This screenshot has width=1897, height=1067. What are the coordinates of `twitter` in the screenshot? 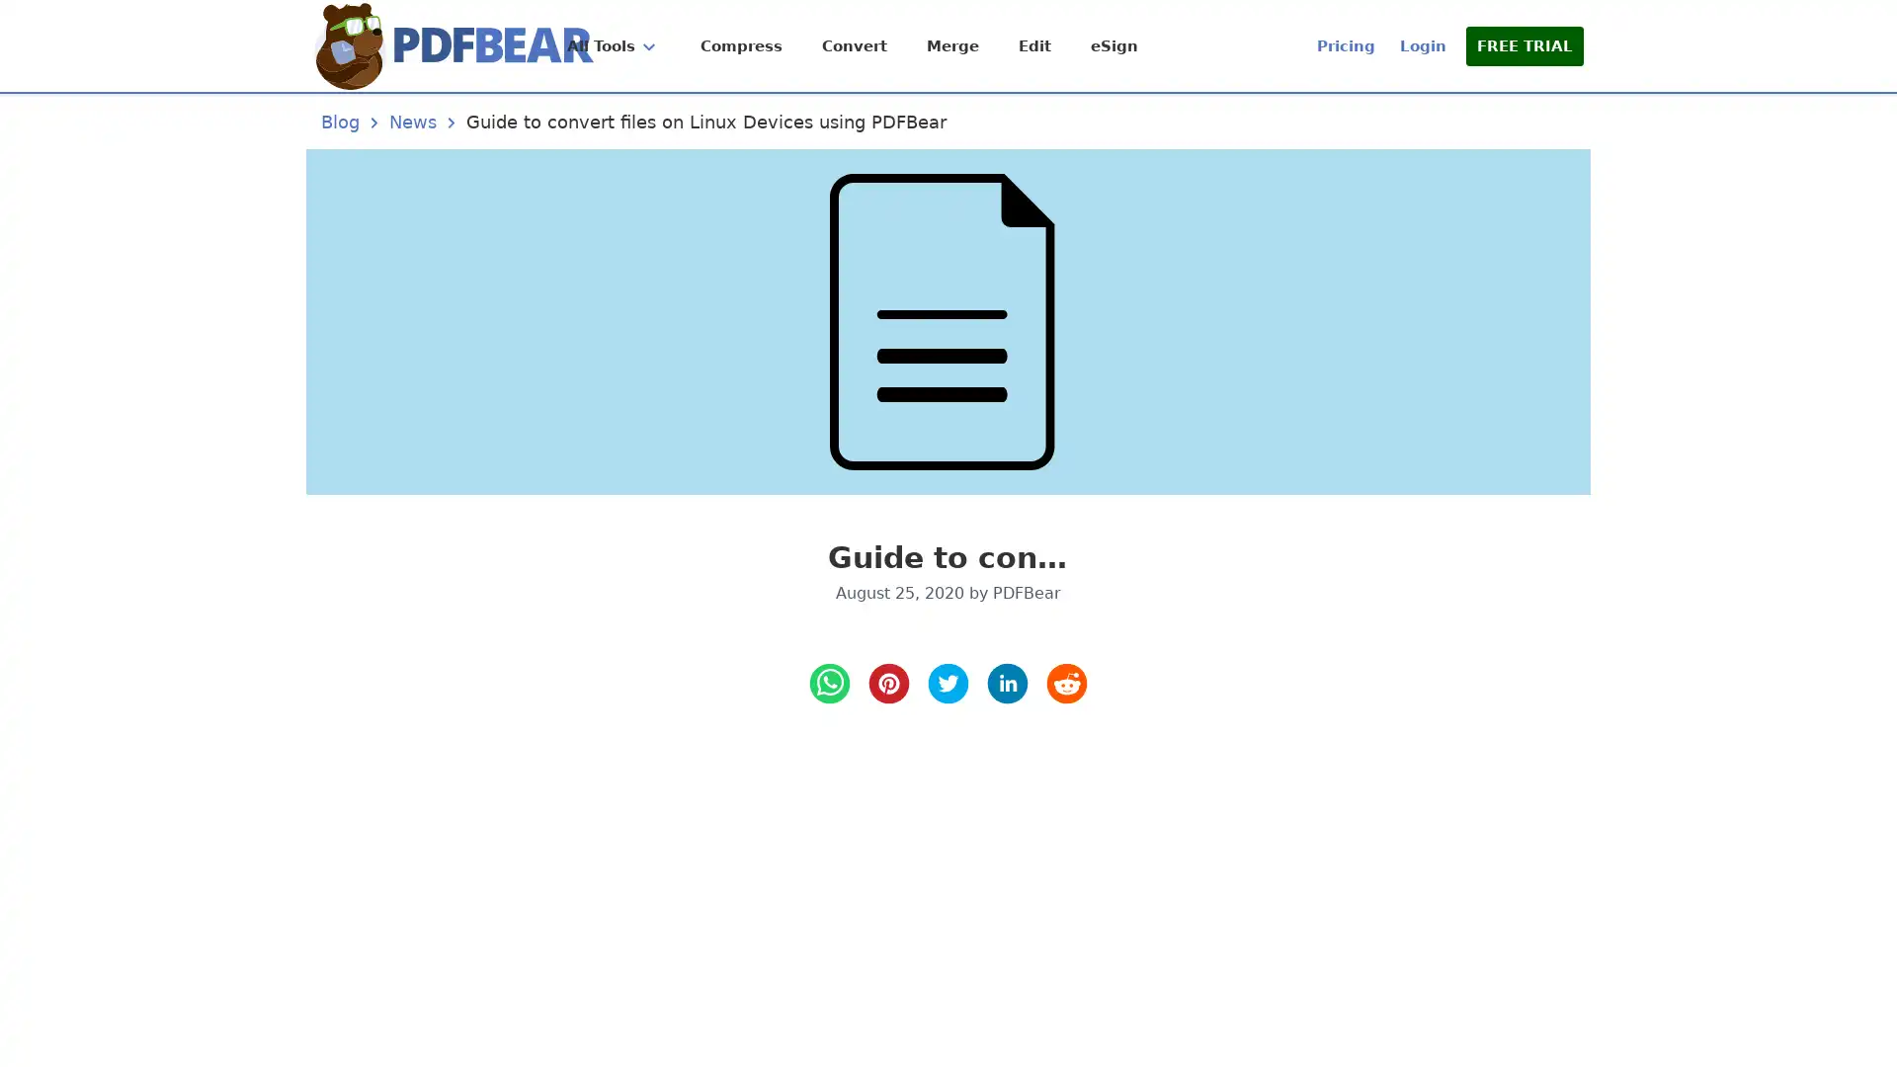 It's located at (948, 682).